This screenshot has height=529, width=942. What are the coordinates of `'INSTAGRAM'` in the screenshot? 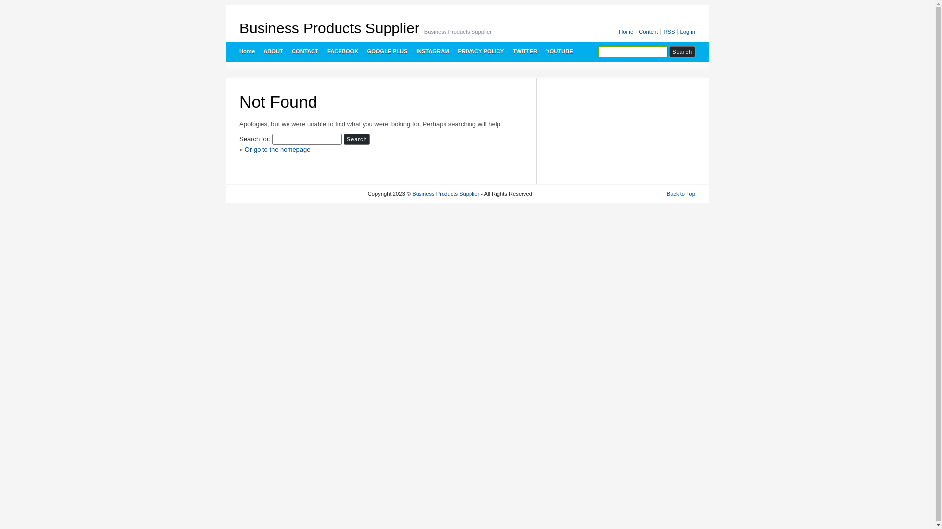 It's located at (432, 51).